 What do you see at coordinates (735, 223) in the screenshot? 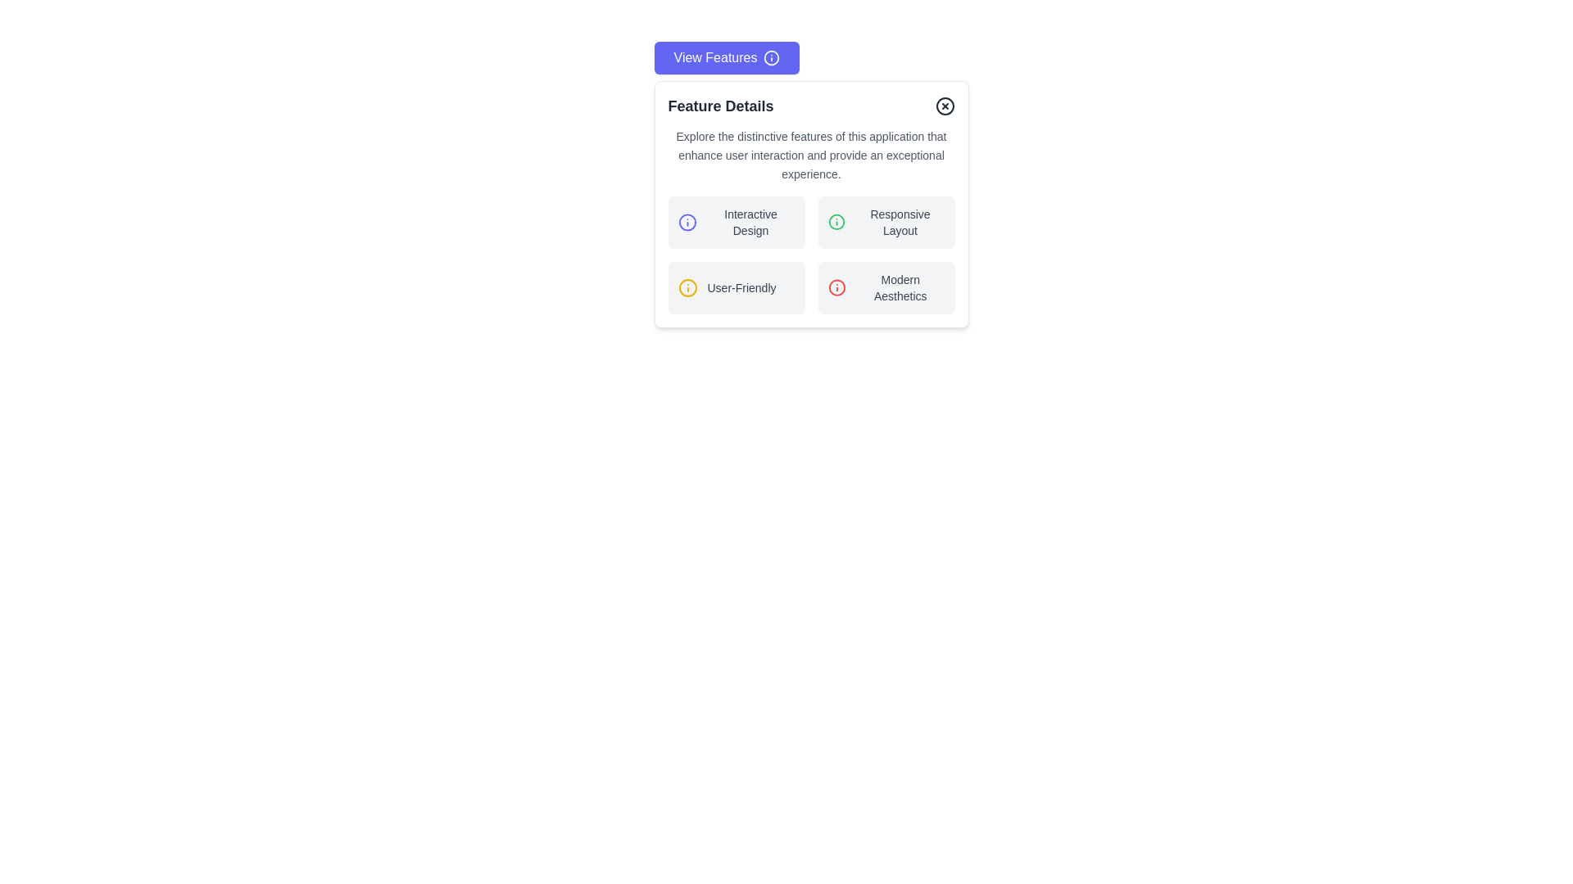
I see `the 'Interactive Design' informative module located in the top-left quadrant of the grid layout` at bounding box center [735, 223].